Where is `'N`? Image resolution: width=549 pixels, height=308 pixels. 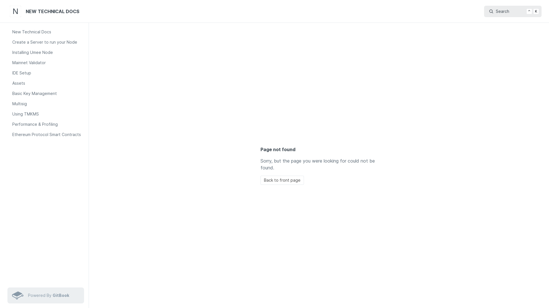 'N is located at coordinates (45, 11).